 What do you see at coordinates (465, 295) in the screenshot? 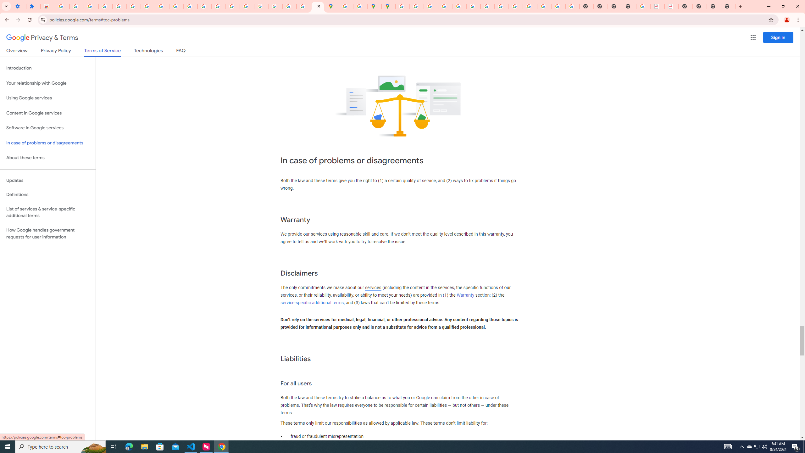
I see `'Warranty'` at bounding box center [465, 295].